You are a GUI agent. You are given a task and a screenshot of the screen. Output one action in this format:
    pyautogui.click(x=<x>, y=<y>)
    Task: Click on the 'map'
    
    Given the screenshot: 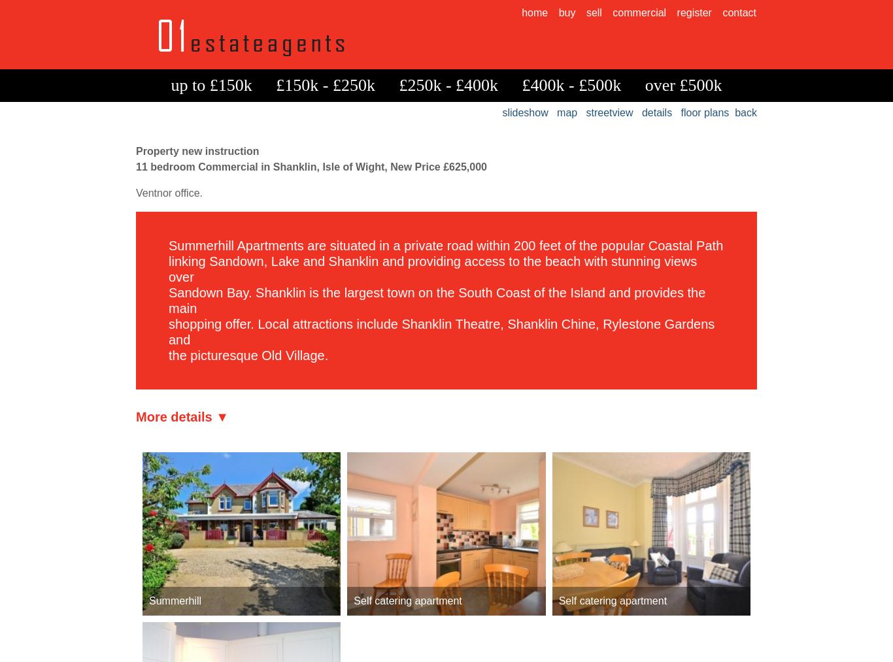 What is the action you would take?
    pyautogui.click(x=556, y=112)
    